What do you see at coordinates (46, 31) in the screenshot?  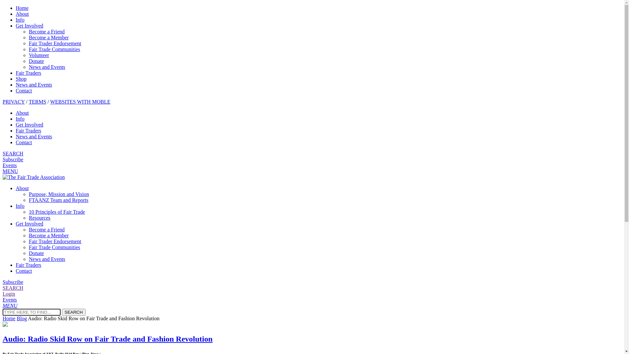 I see `'Become a Friend'` at bounding box center [46, 31].